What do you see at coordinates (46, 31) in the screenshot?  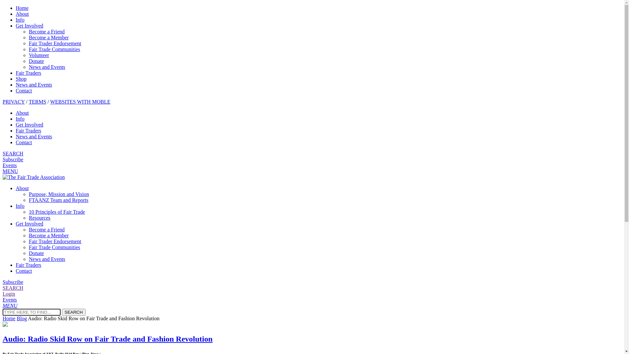 I see `'Become a Friend'` at bounding box center [46, 31].